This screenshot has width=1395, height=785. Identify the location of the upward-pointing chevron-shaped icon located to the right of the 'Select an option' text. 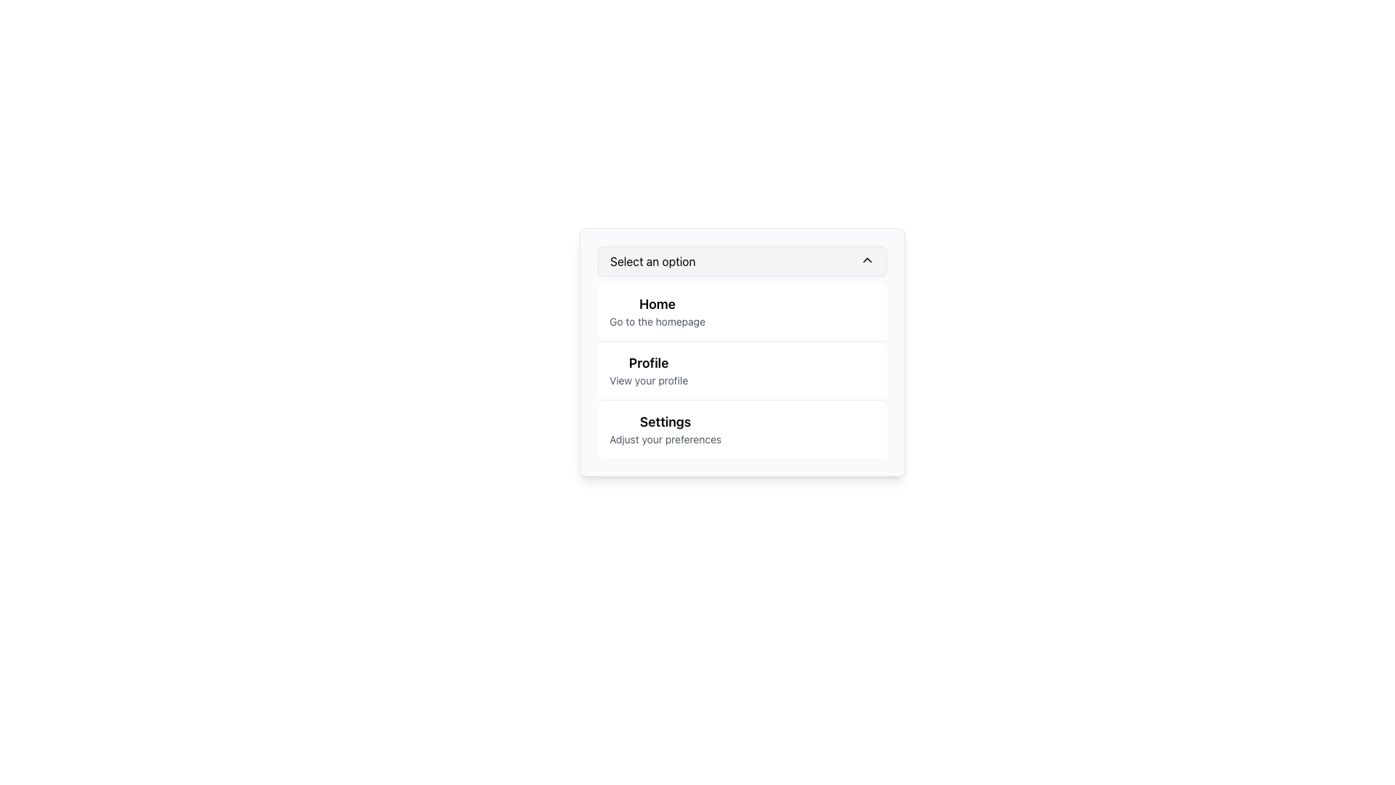
(868, 259).